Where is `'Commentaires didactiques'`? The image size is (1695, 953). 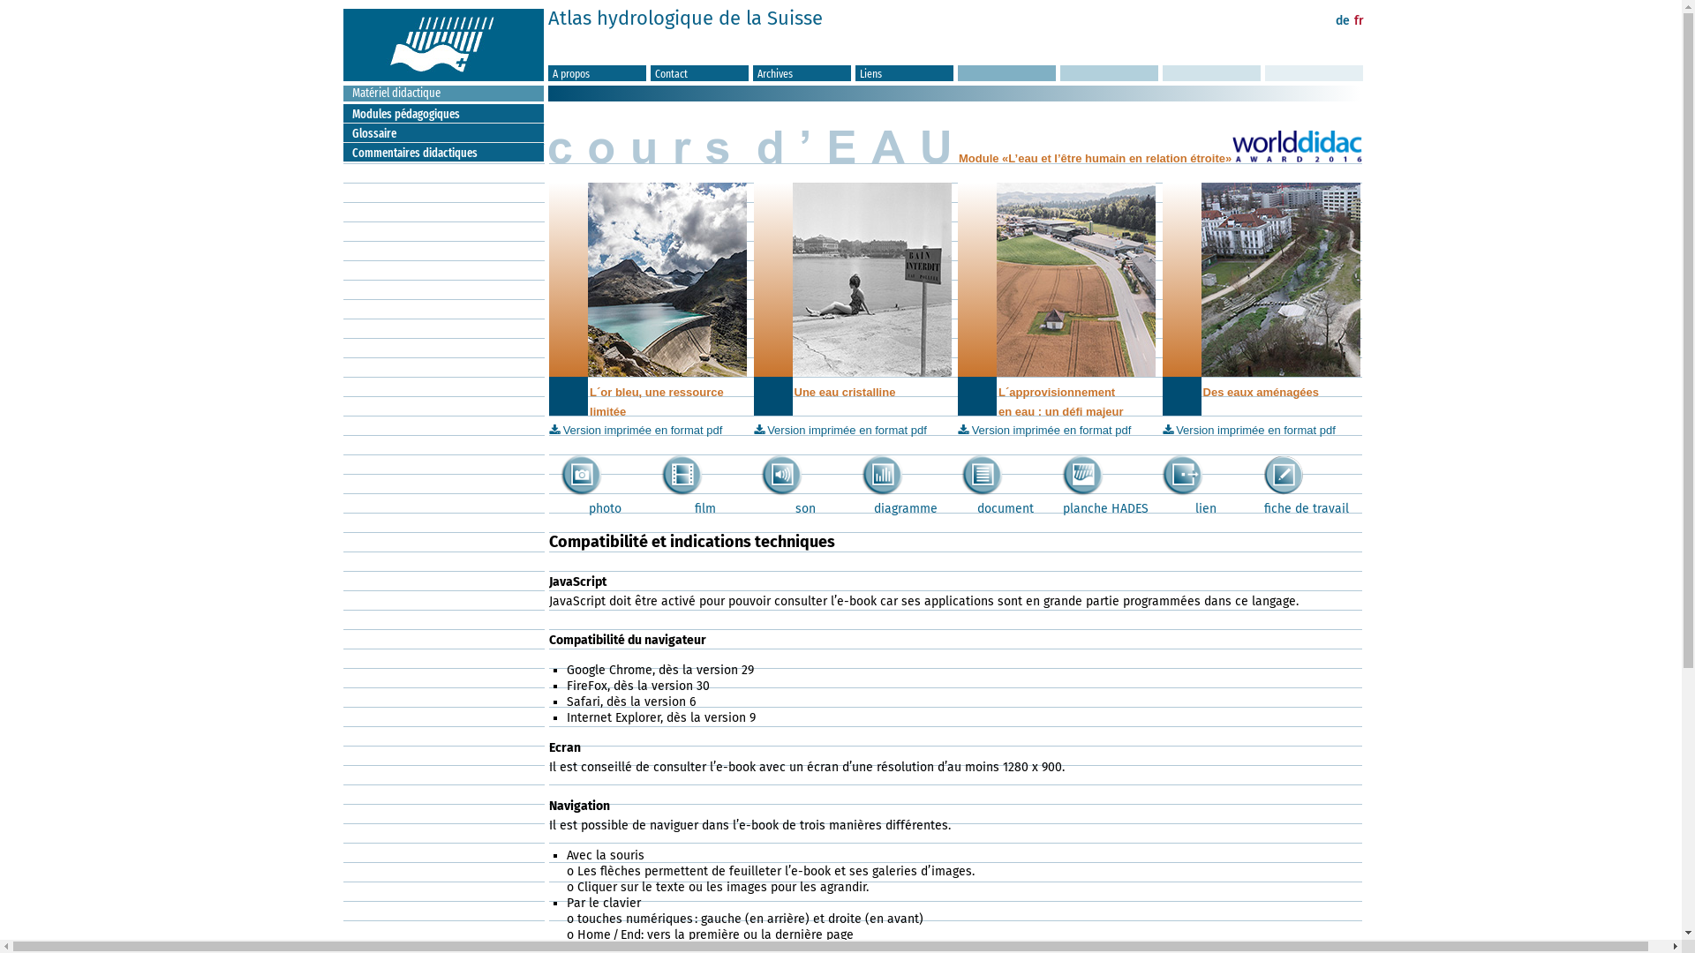 'Commentaires didactiques' is located at coordinates (448, 152).